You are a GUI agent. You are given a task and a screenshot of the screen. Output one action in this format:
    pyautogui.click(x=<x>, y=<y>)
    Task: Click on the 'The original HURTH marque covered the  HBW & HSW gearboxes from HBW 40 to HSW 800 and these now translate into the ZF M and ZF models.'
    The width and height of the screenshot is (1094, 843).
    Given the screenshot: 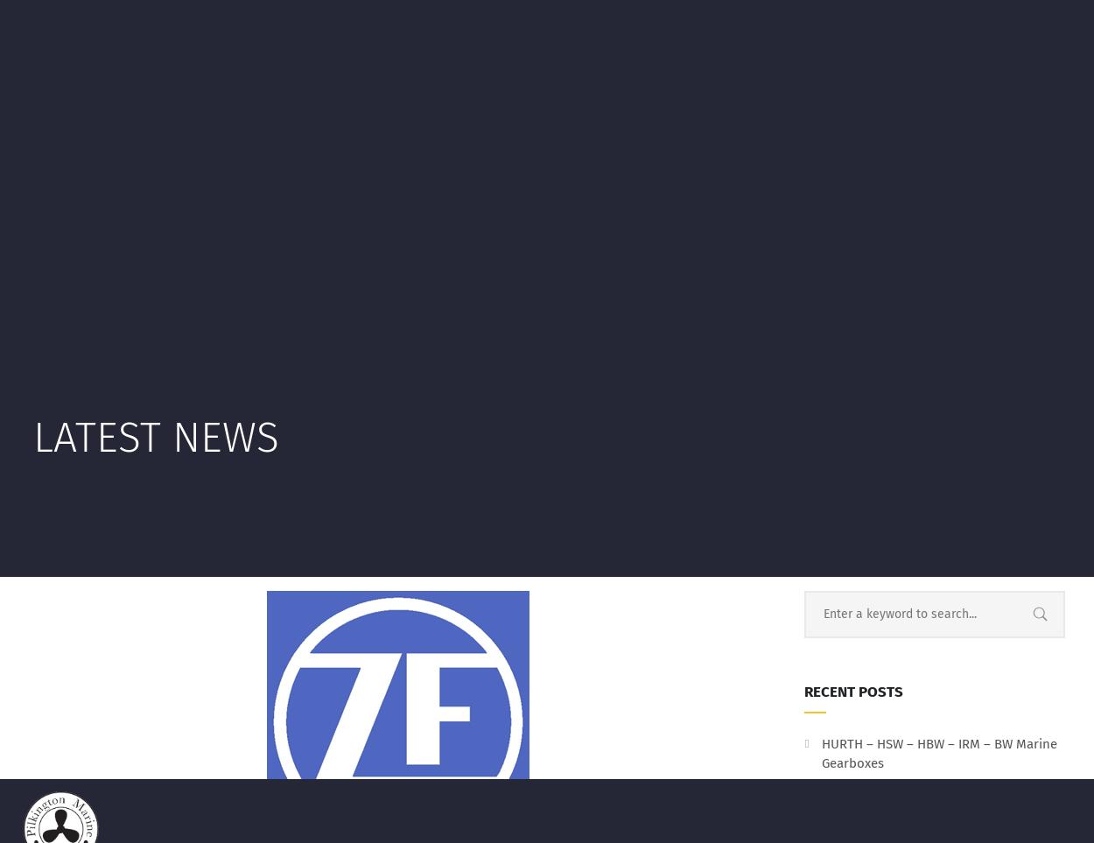 What is the action you would take?
    pyautogui.click(x=395, y=622)
    